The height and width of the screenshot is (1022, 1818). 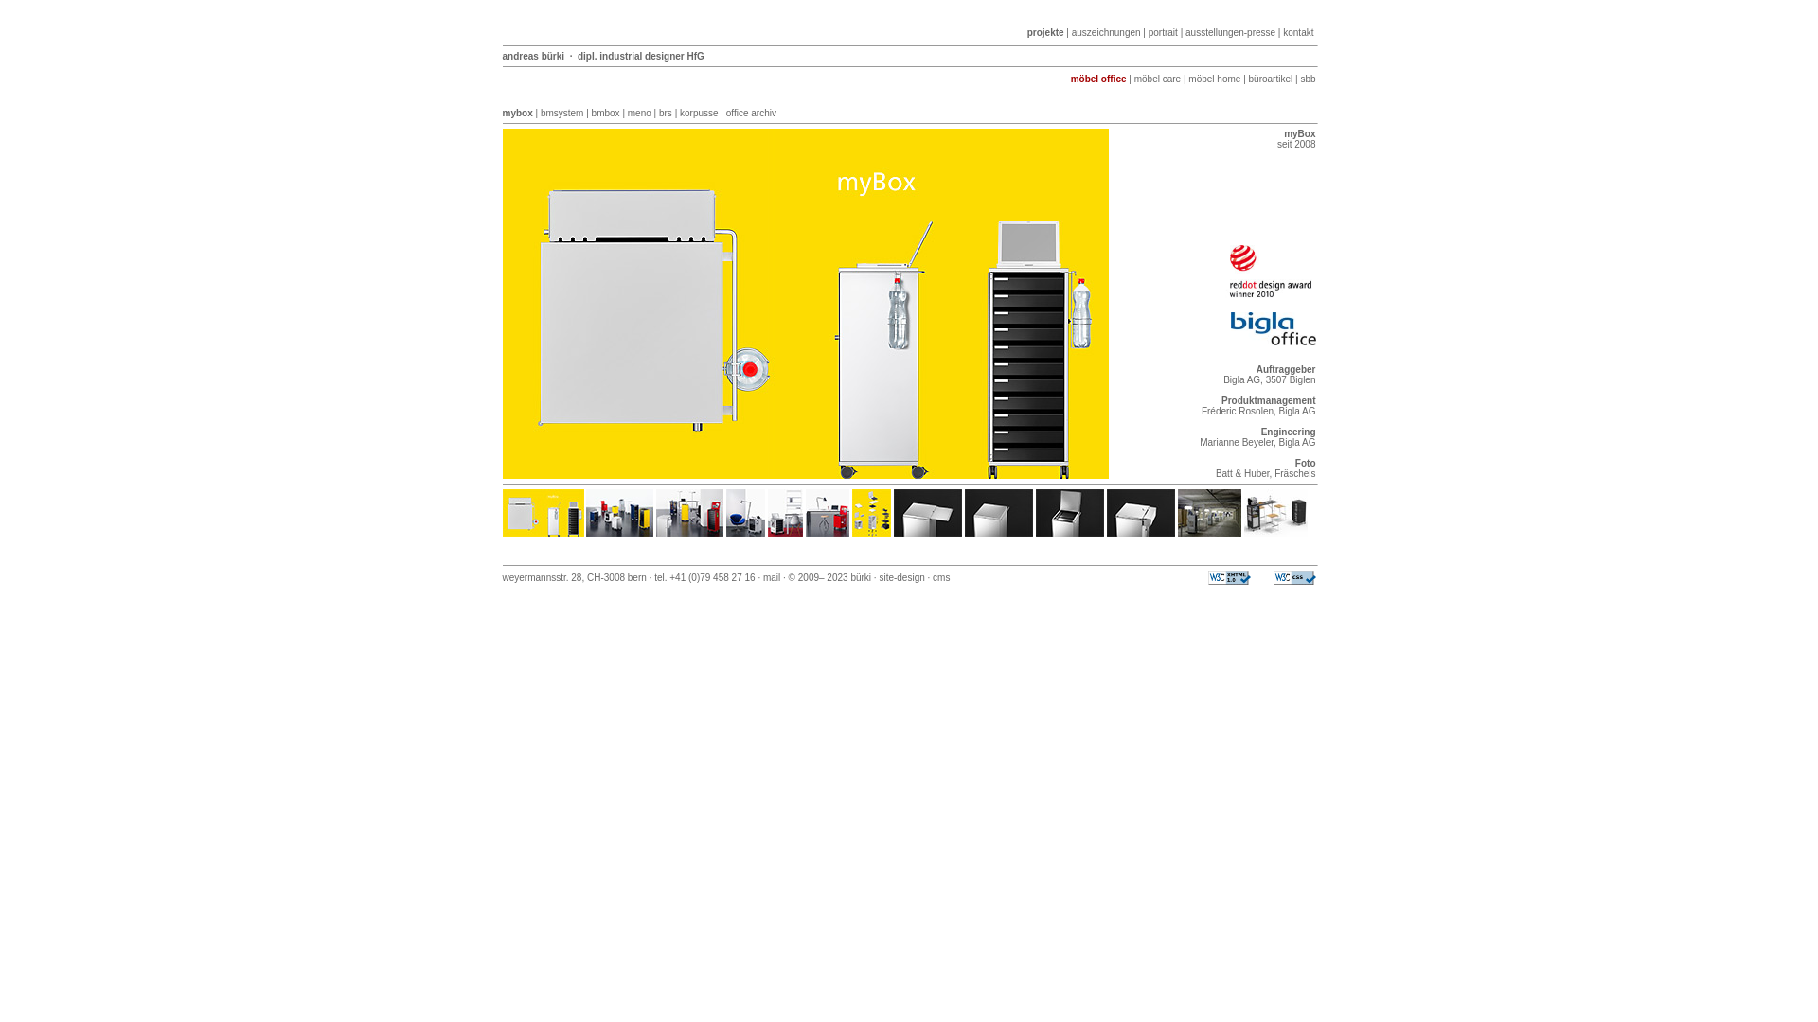 What do you see at coordinates (698, 113) in the screenshot?
I see `'korpusse'` at bounding box center [698, 113].